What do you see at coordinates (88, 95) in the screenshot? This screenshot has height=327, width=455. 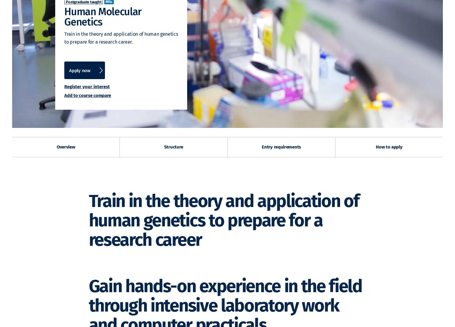 I see `'Add to course compare'` at bounding box center [88, 95].